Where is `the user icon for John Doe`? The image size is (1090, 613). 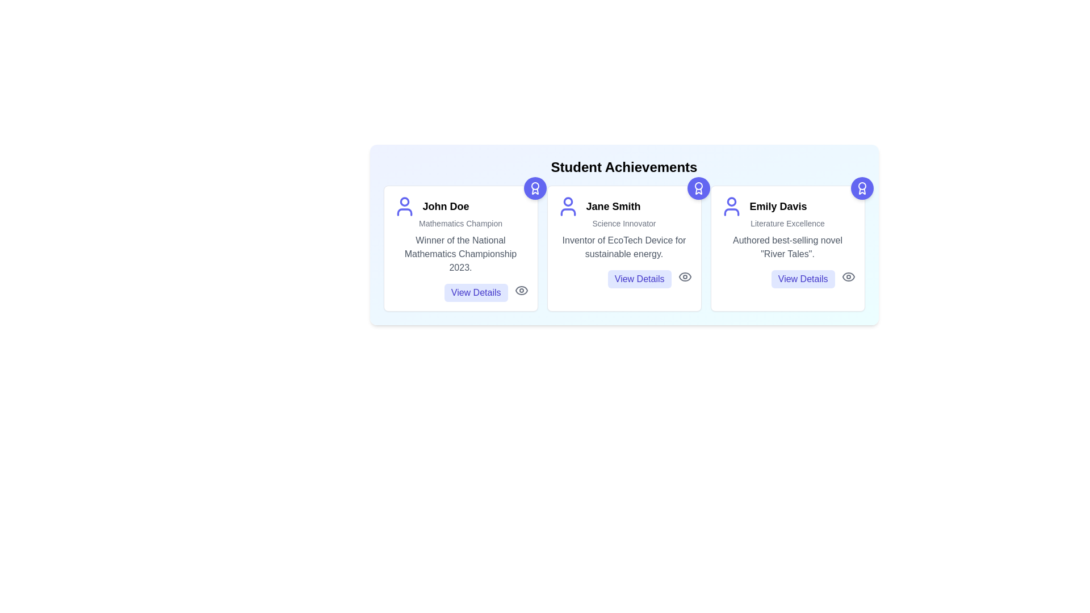 the user icon for John Doe is located at coordinates (404, 206).